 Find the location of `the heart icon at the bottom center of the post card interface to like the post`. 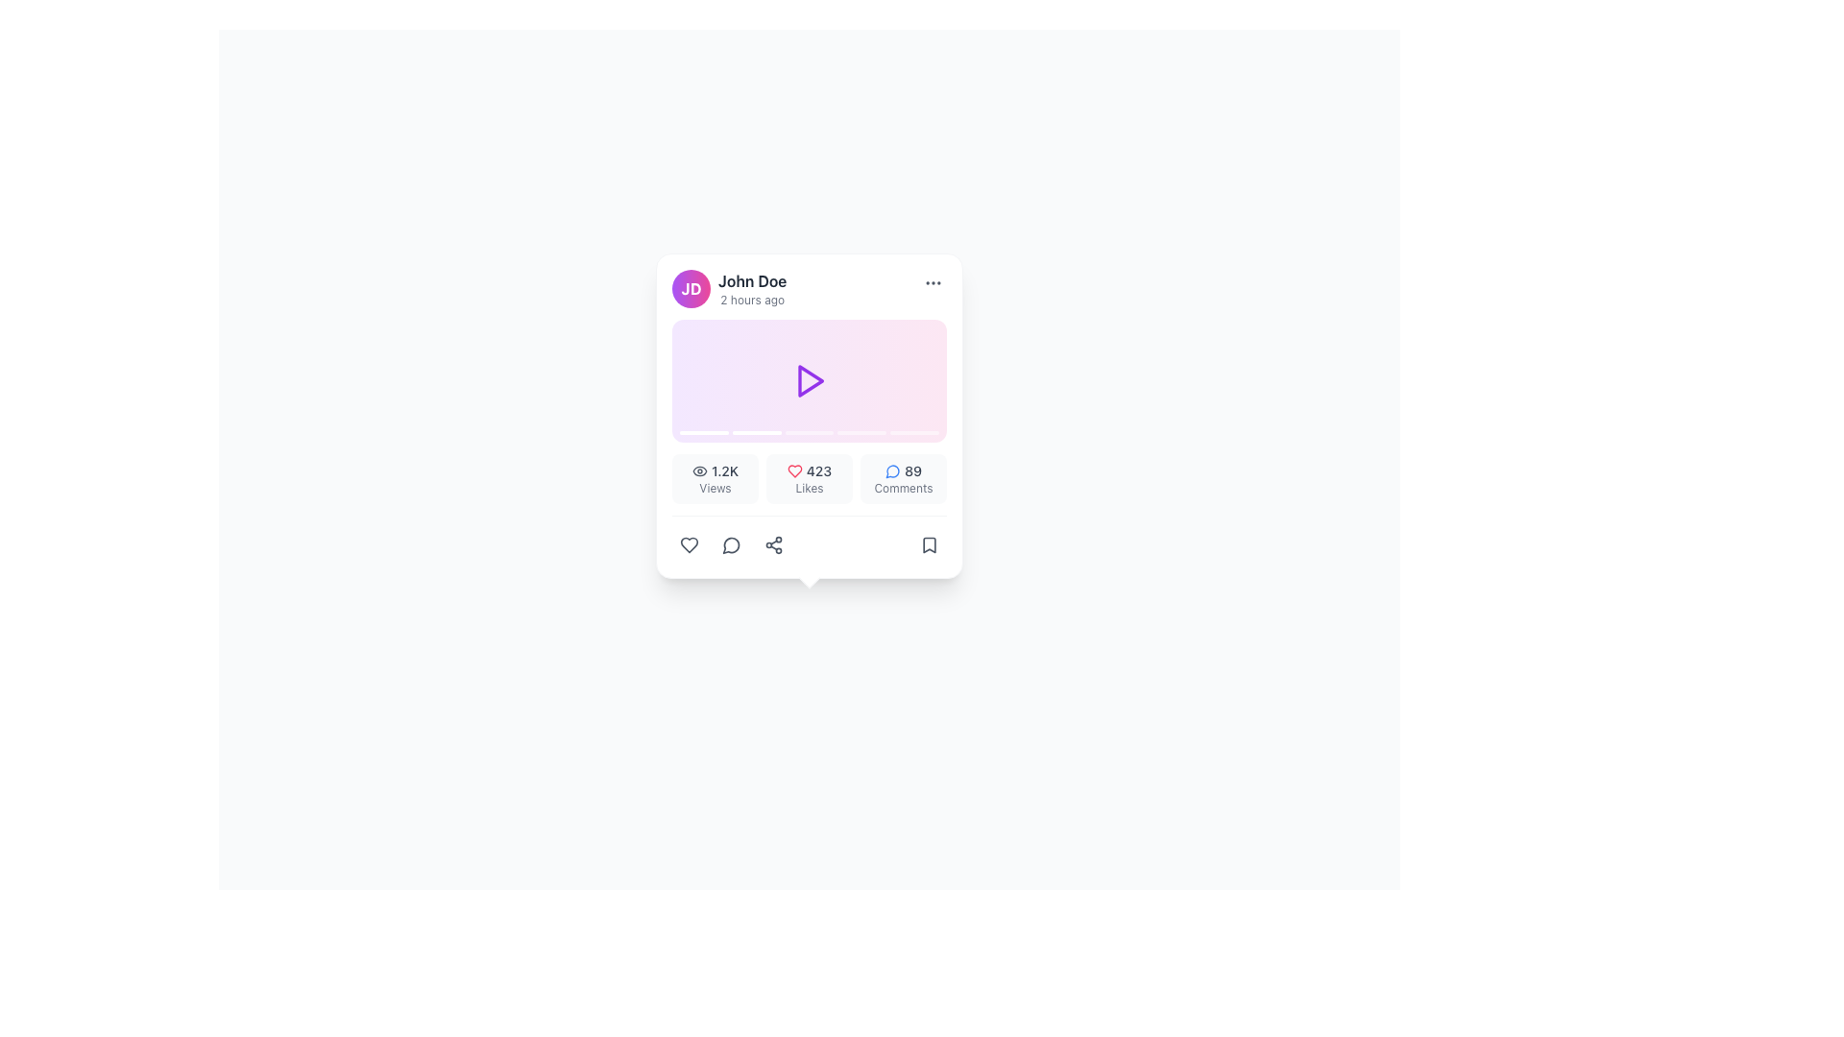

the heart icon at the bottom center of the post card interface to like the post is located at coordinates (794, 470).